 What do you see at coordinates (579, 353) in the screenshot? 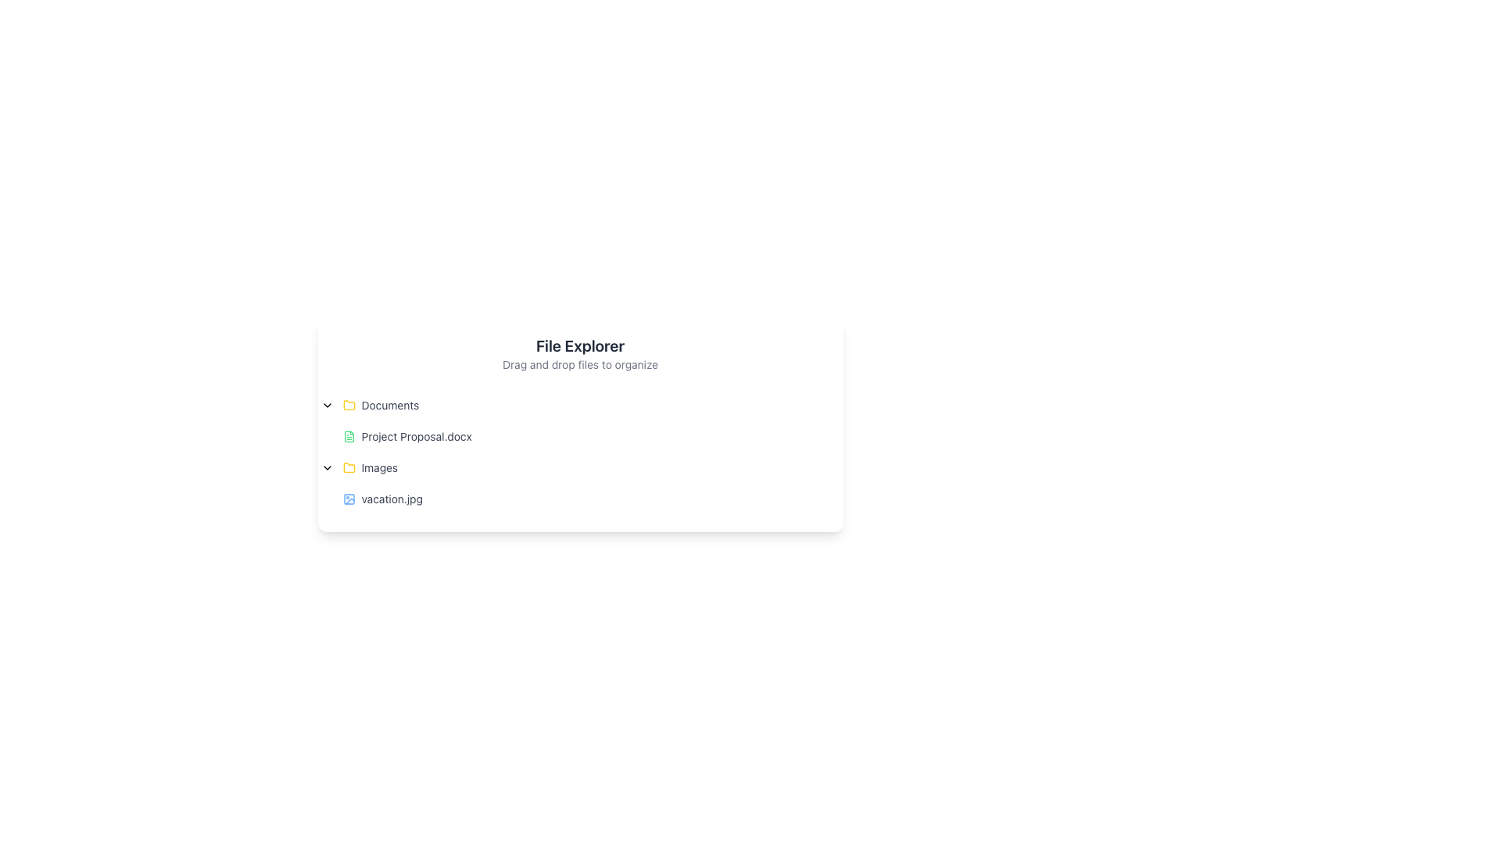
I see `the header element of the file explorer interface` at bounding box center [579, 353].